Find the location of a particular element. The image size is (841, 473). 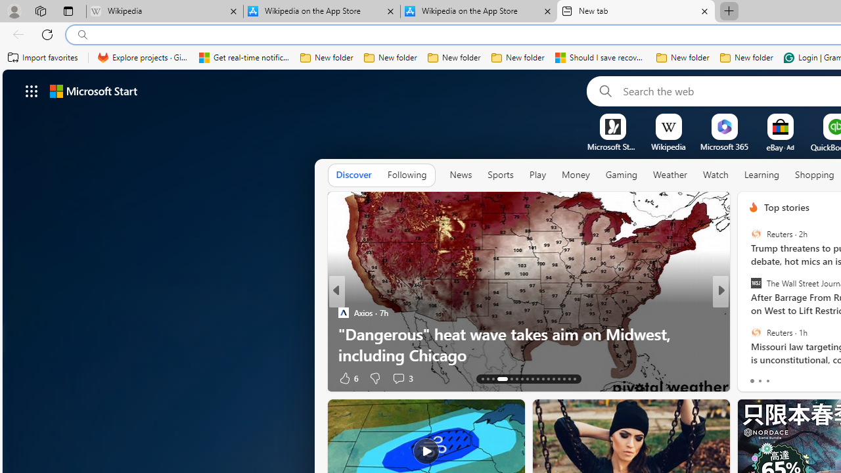

'135 Like' is located at coordinates (757, 378).